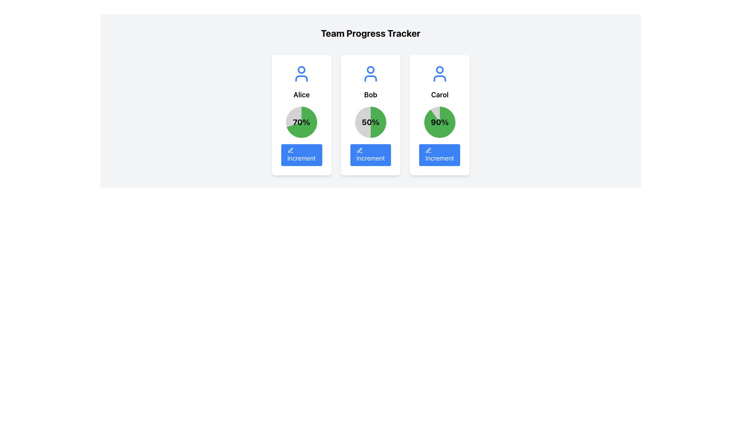 Image resolution: width=750 pixels, height=422 pixels. Describe the element at coordinates (359, 150) in the screenshot. I see `the stylized pen or pencil icon within the blue 'Increment' button located under the card labeled 'Bob'` at that location.